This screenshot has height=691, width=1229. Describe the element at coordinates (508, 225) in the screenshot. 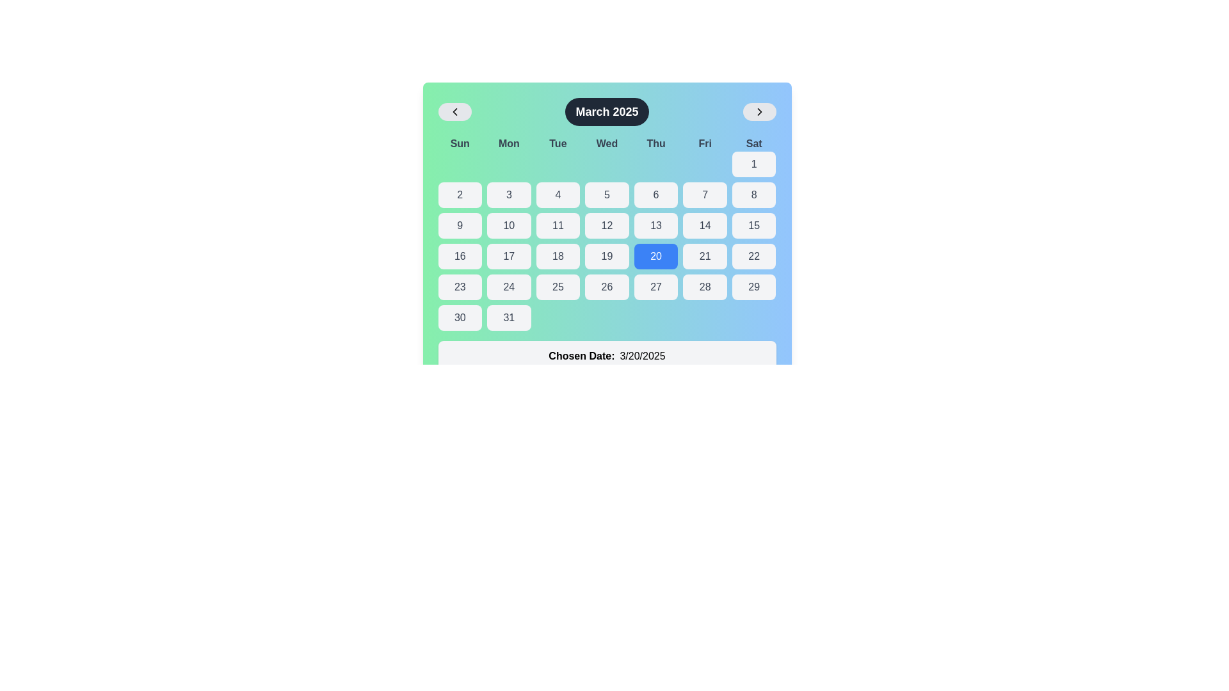

I see `the button representing the 10th day` at that location.